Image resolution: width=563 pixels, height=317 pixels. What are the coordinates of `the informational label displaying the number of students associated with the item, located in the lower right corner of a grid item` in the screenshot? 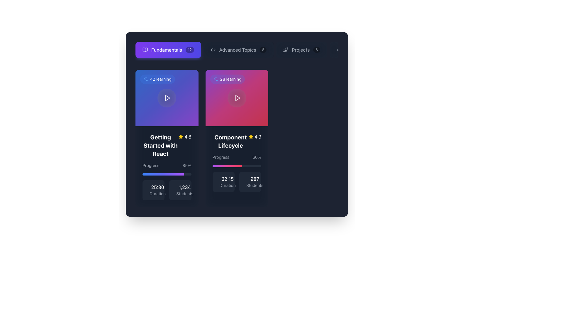 It's located at (180, 190).